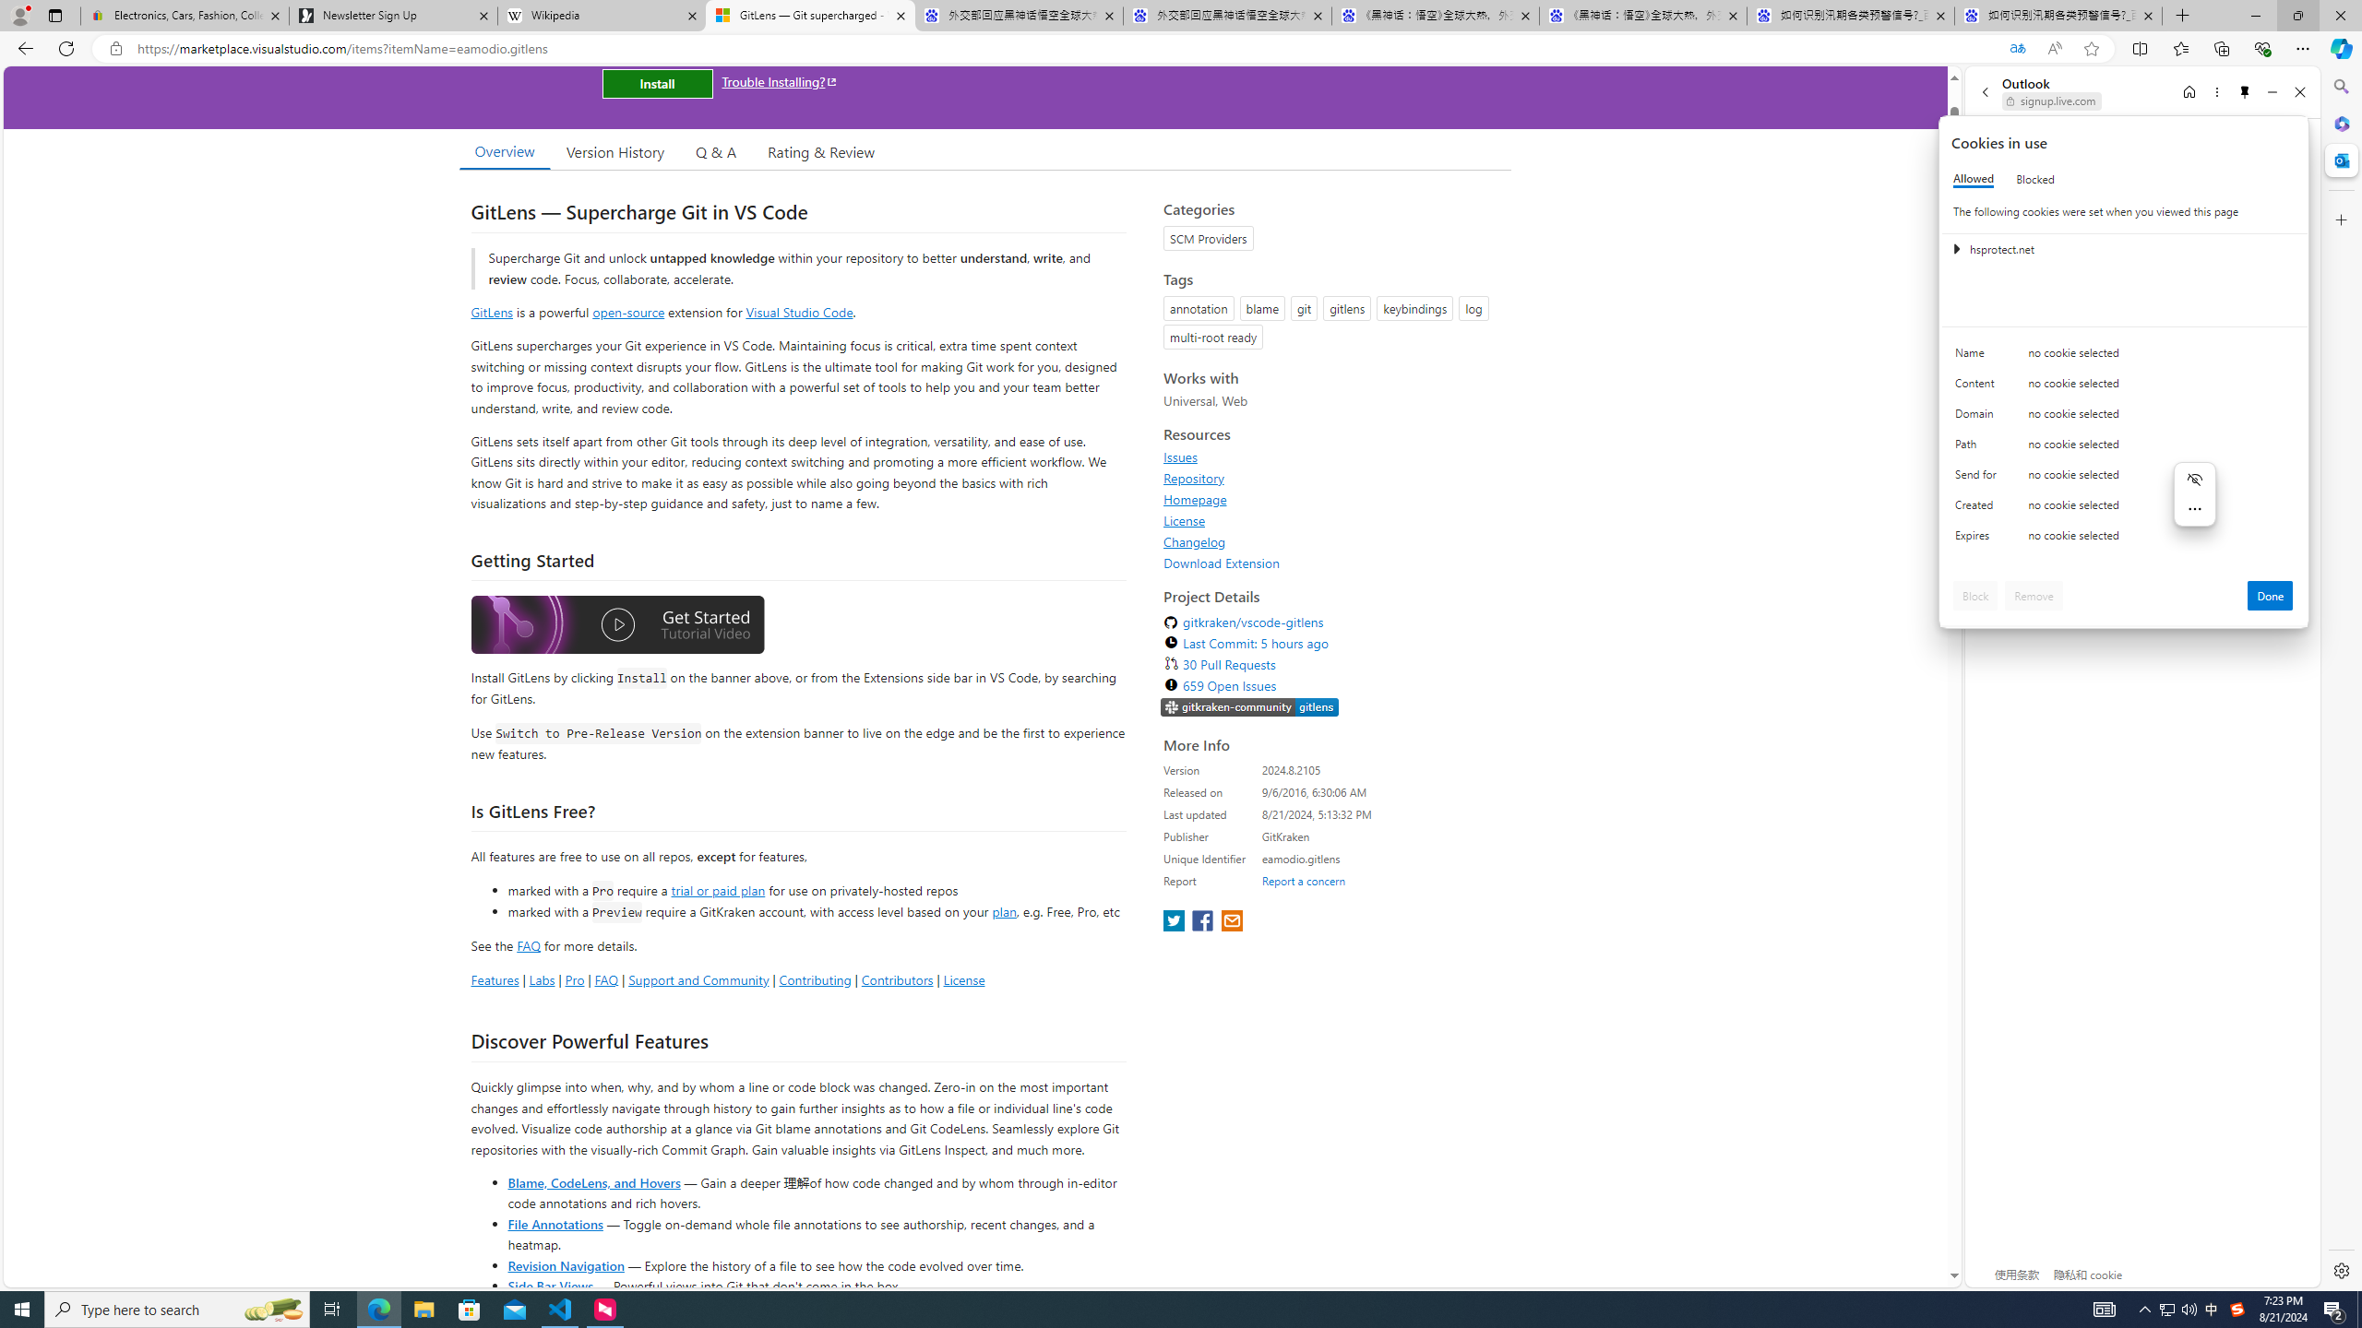 The width and height of the screenshot is (2362, 1328). I want to click on 'Class: c0153 c0157 c0154', so click(2124, 357).